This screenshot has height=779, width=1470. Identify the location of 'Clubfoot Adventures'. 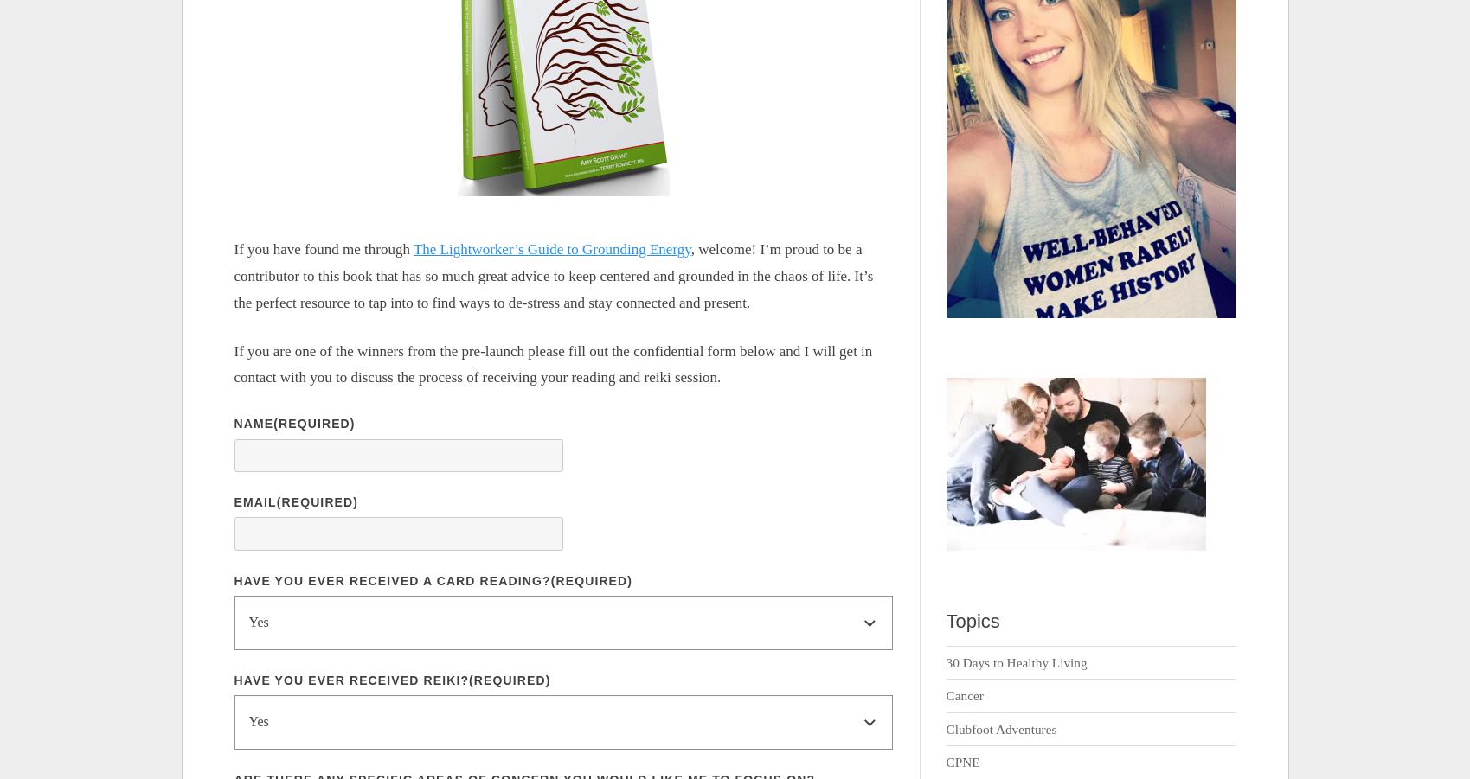
(944, 728).